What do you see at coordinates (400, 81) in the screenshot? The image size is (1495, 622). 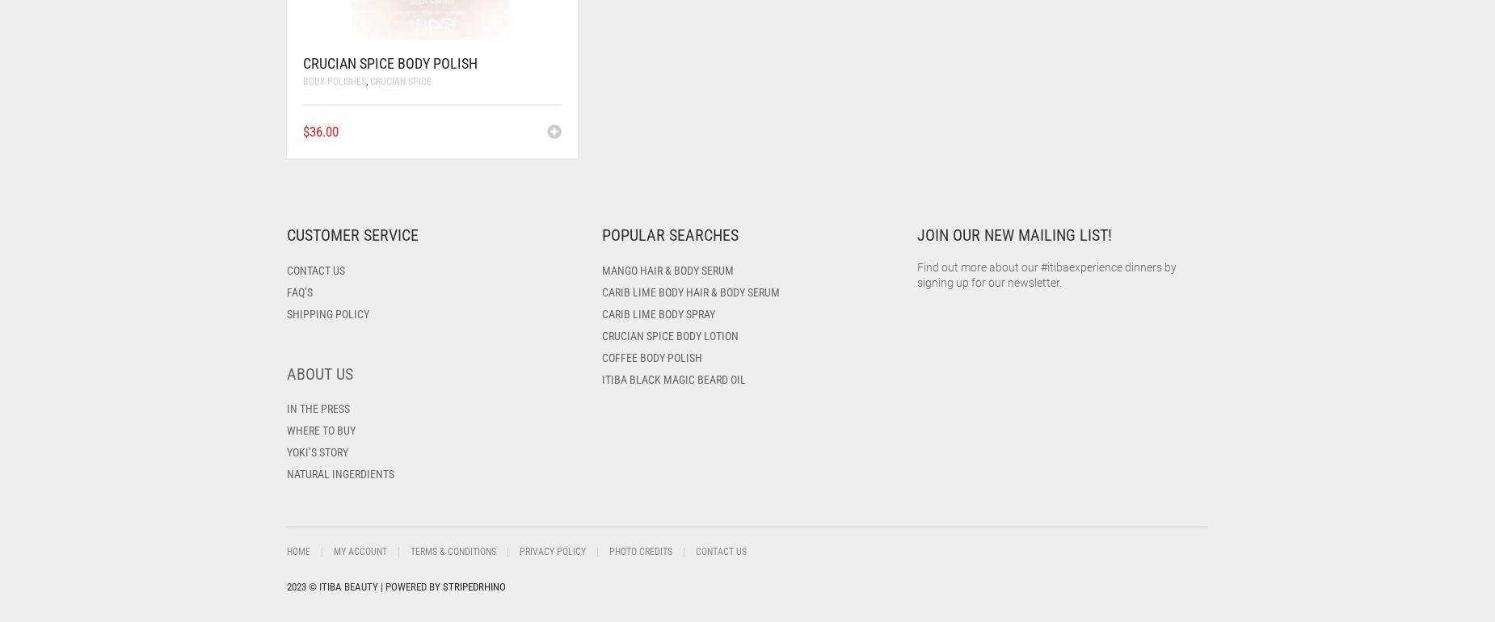 I see `'Crucian Spice'` at bounding box center [400, 81].